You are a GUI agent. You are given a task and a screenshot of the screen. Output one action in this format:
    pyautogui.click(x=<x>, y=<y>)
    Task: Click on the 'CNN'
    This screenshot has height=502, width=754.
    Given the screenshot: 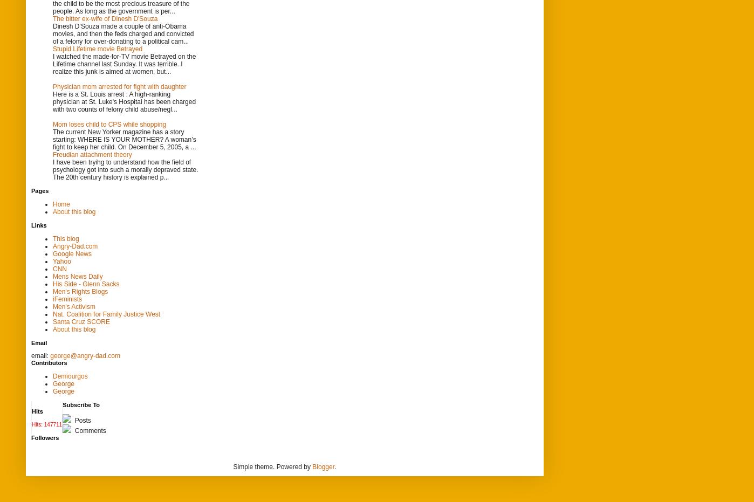 What is the action you would take?
    pyautogui.click(x=60, y=268)
    